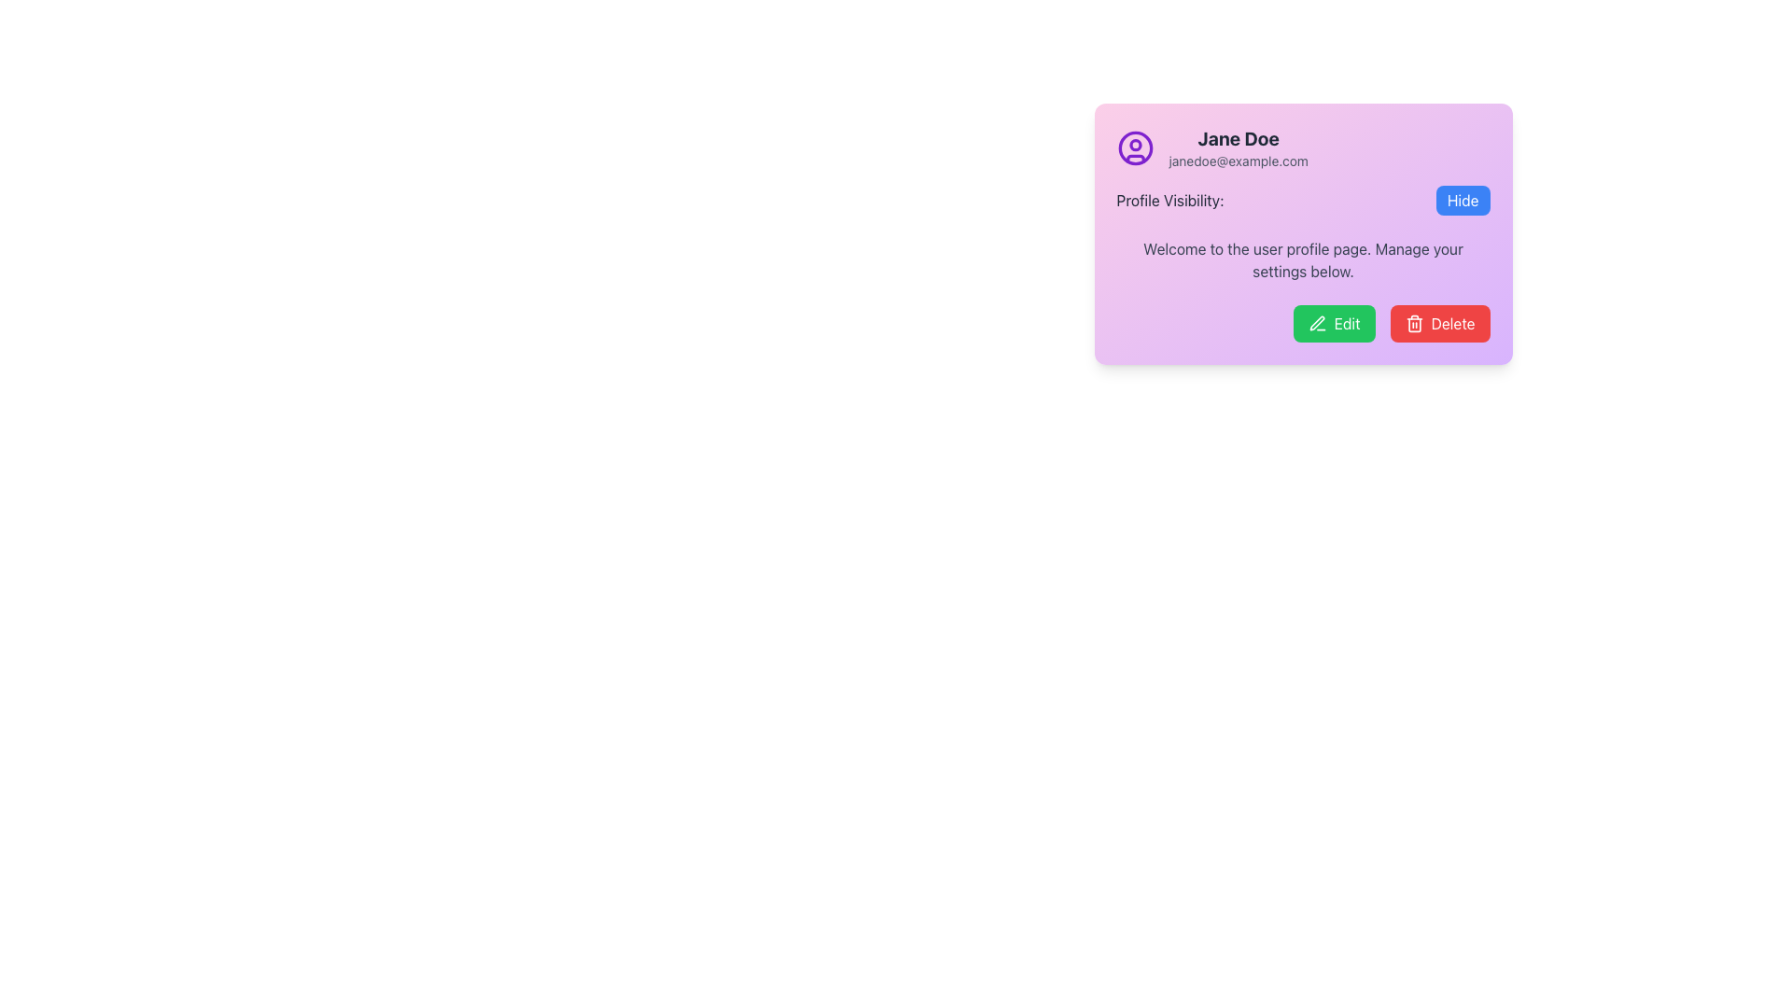 This screenshot has width=1792, height=1008. What do you see at coordinates (1134, 147) in the screenshot?
I see `the decorative user profile icon located at the top-left corner of the user profile card` at bounding box center [1134, 147].